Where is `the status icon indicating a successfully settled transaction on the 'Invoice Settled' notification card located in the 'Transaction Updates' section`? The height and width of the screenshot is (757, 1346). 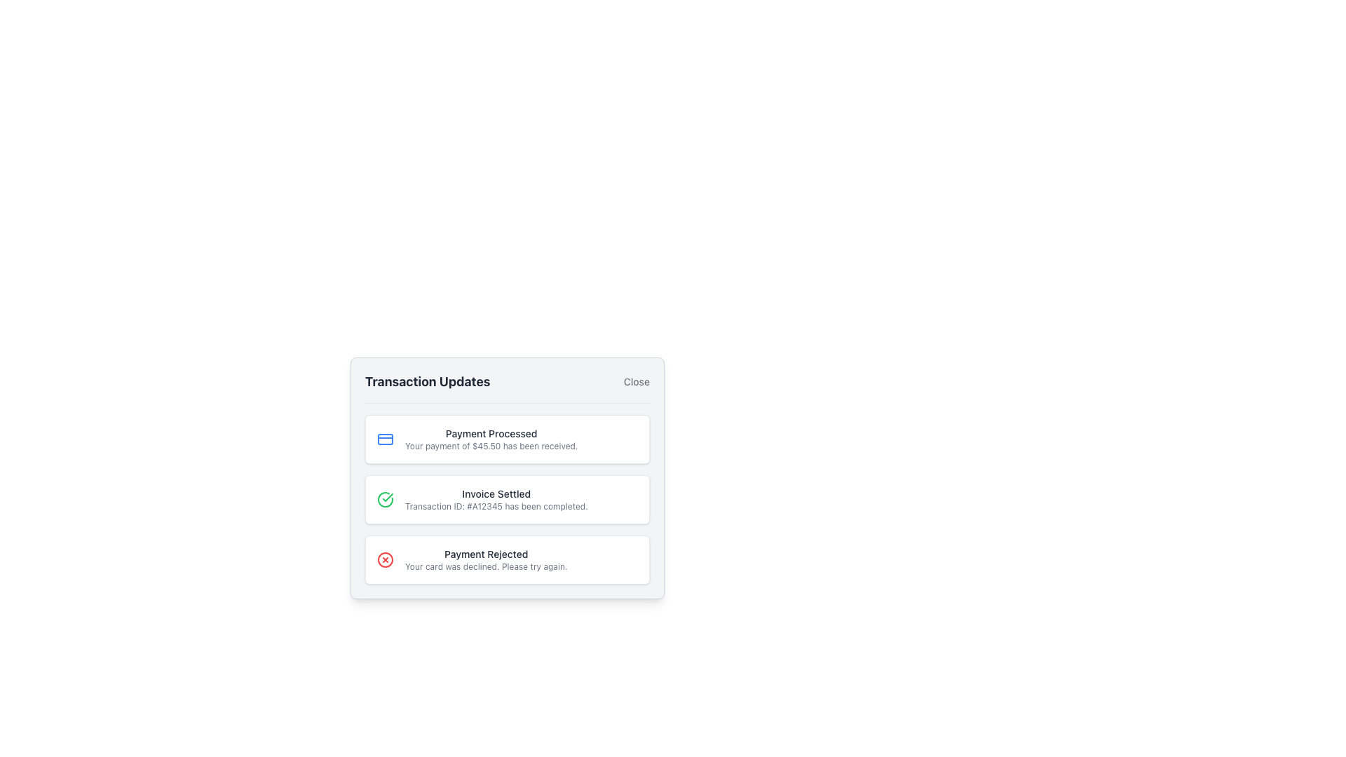
the status icon indicating a successfully settled transaction on the 'Invoice Settled' notification card located in the 'Transaction Updates' section is located at coordinates (386, 499).